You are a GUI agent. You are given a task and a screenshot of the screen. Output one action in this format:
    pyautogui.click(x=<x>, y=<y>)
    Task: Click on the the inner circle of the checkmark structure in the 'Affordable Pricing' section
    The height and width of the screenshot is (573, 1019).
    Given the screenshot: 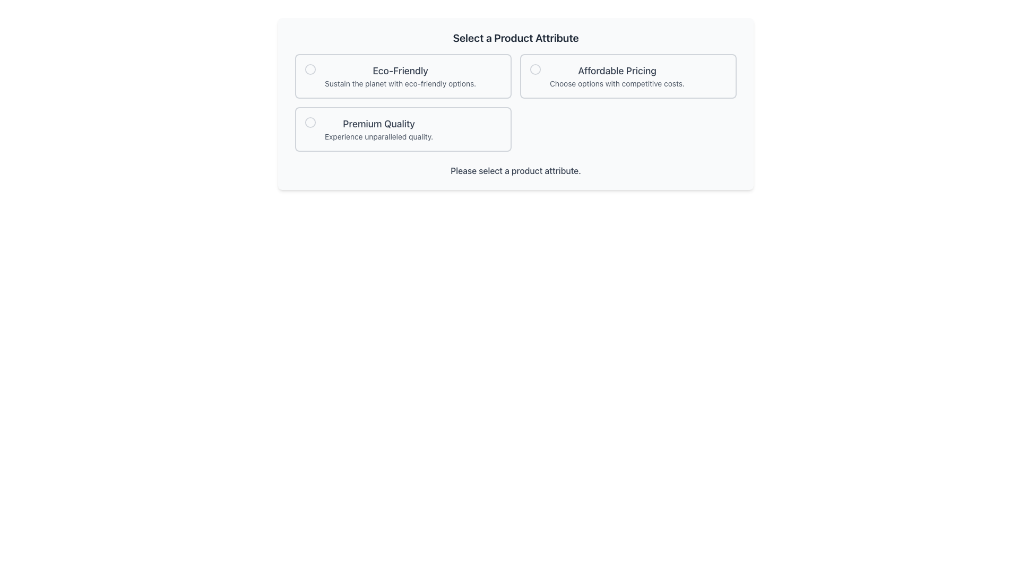 What is the action you would take?
    pyautogui.click(x=535, y=70)
    